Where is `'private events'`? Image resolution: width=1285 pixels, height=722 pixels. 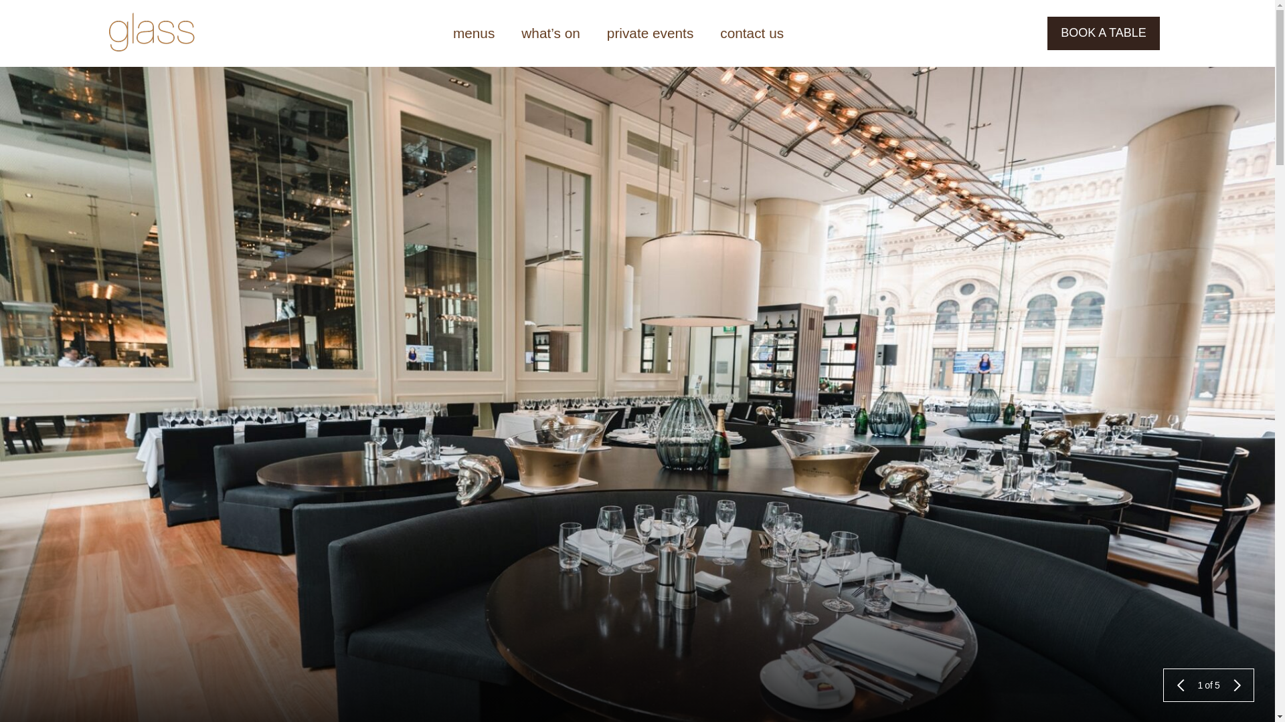
'private events' is located at coordinates (650, 33).